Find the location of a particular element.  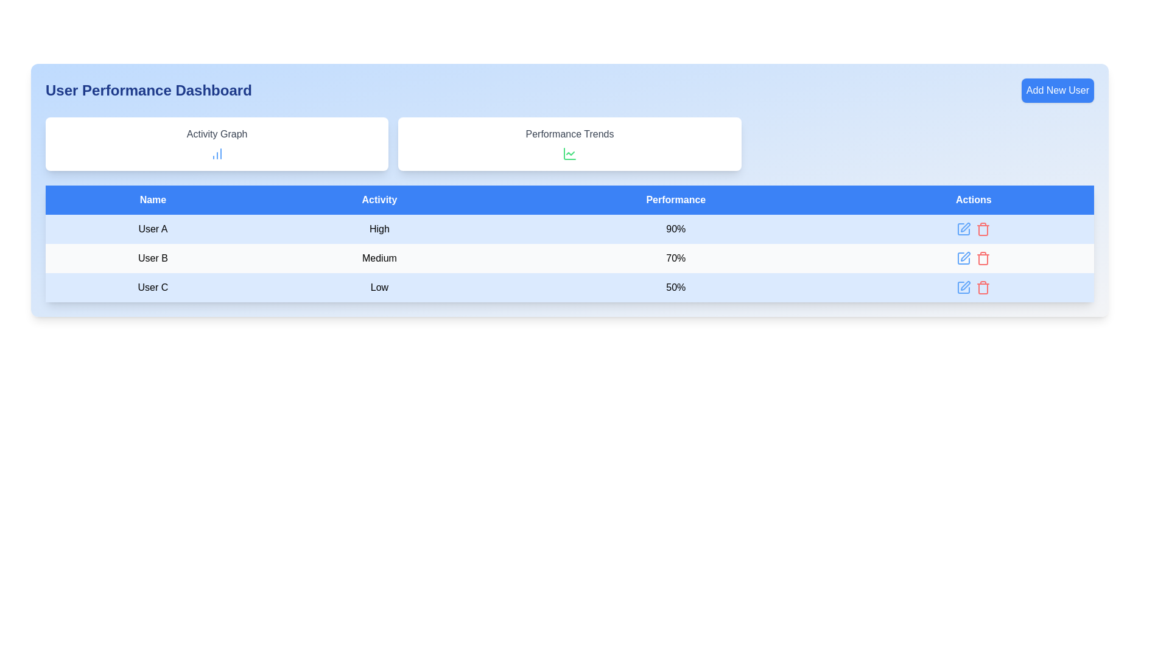

the graphical indicator located in the 'Performance Trends' section, which is centrally positioned in the lower half of that section is located at coordinates (569, 153).